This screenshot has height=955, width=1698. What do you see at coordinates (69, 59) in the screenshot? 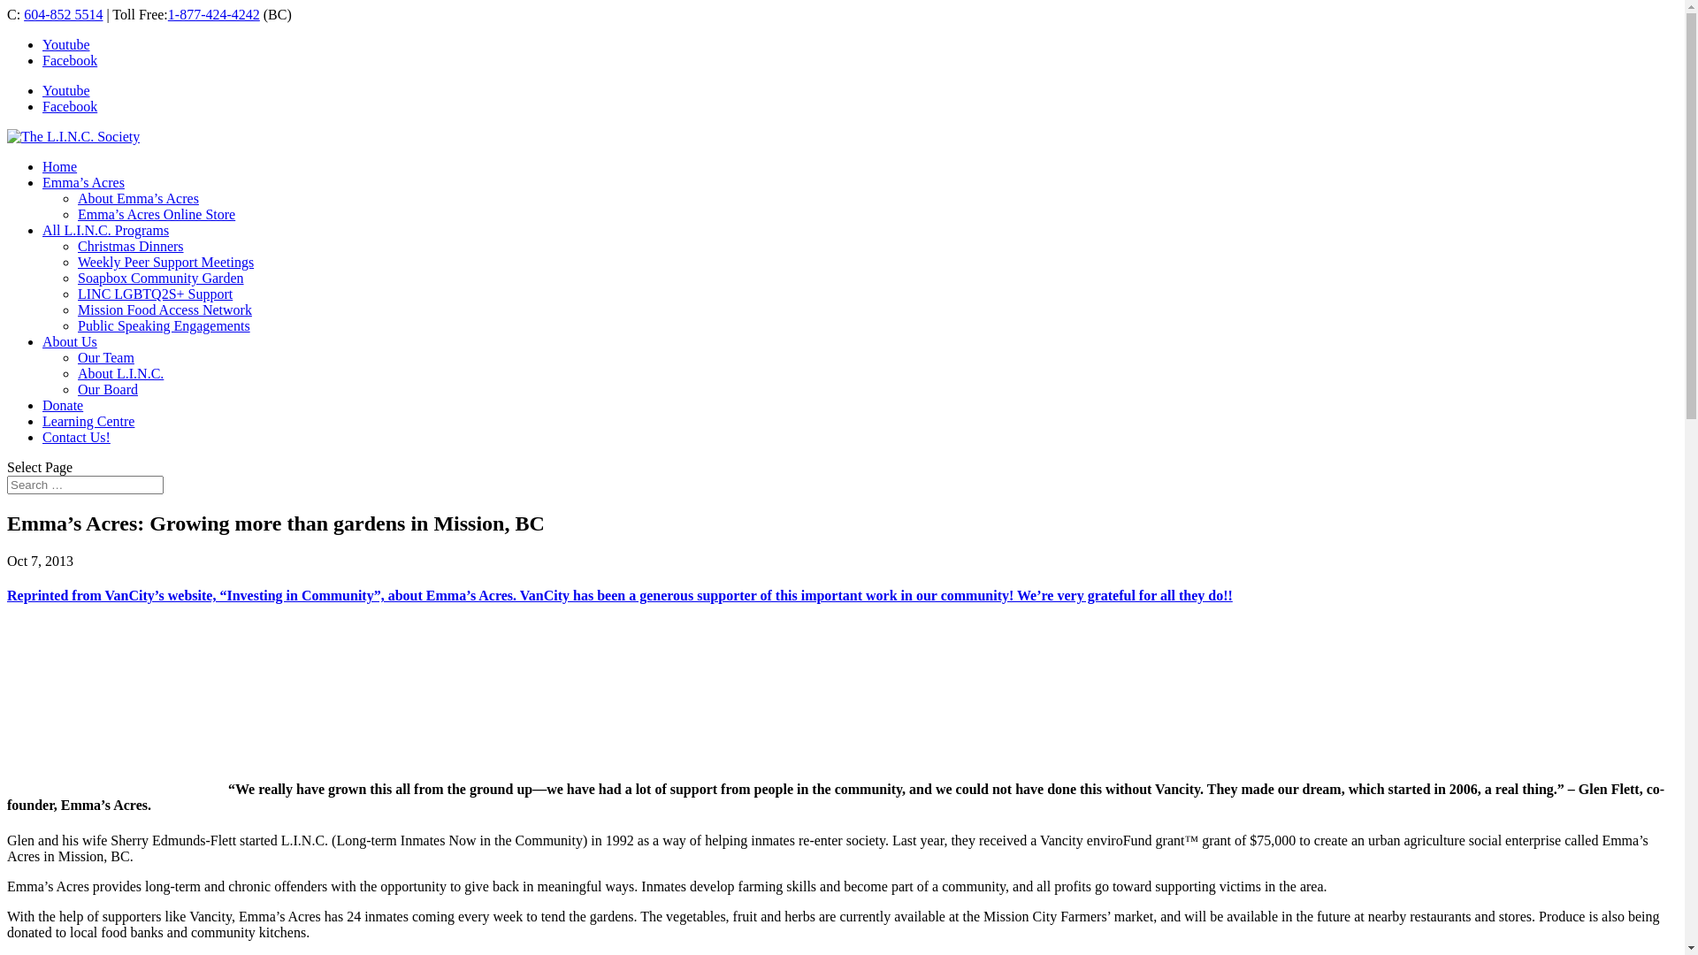
I see `'Facebook'` at bounding box center [69, 59].